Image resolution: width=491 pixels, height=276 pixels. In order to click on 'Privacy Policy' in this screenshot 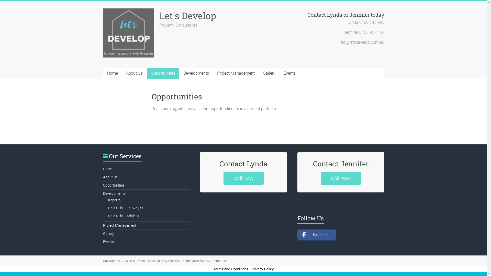, I will do `click(262, 269)`.